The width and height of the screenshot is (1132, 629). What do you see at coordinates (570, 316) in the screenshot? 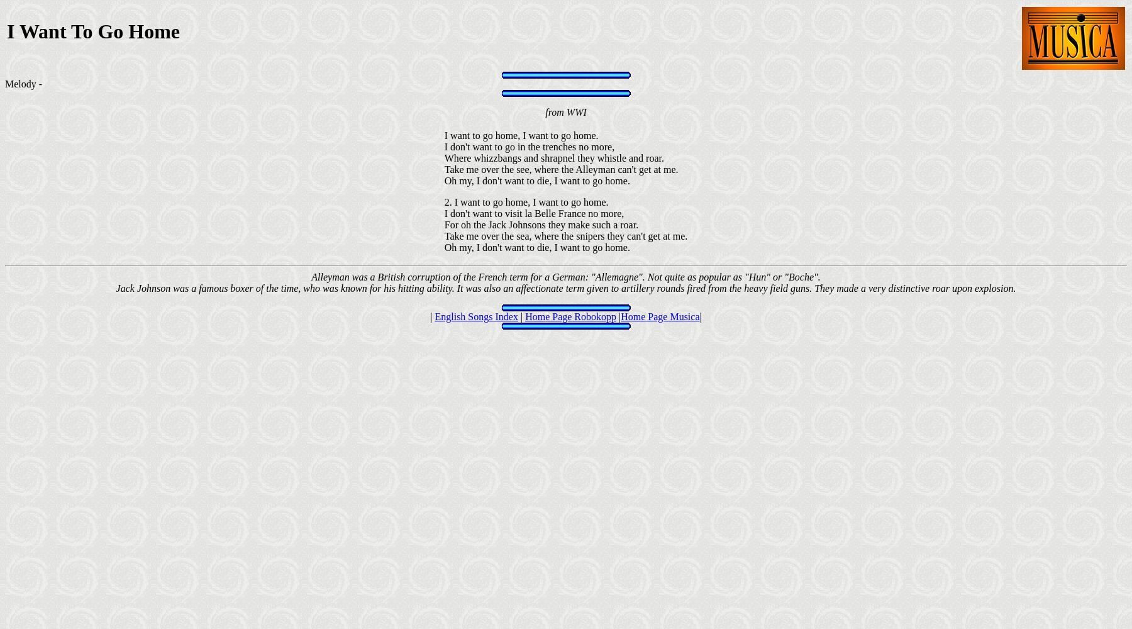
I see `'Home Page Robokopp'` at bounding box center [570, 316].